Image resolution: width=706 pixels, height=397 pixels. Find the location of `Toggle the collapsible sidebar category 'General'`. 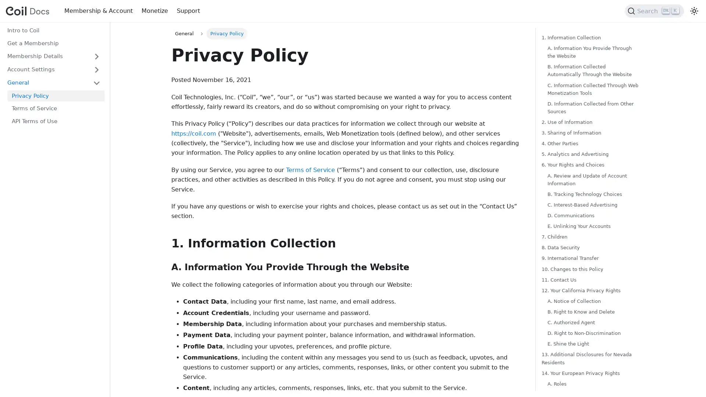

Toggle the collapsible sidebar category 'General' is located at coordinates (96, 82).